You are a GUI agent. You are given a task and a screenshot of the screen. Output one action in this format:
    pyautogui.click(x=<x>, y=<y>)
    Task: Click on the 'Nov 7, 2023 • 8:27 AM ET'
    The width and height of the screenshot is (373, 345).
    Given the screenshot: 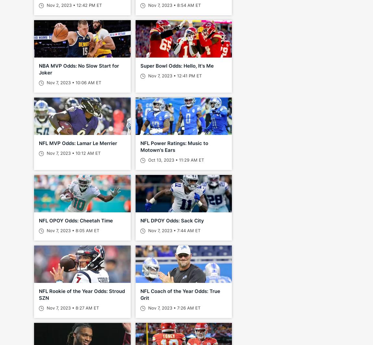 What is the action you would take?
    pyautogui.click(x=72, y=308)
    